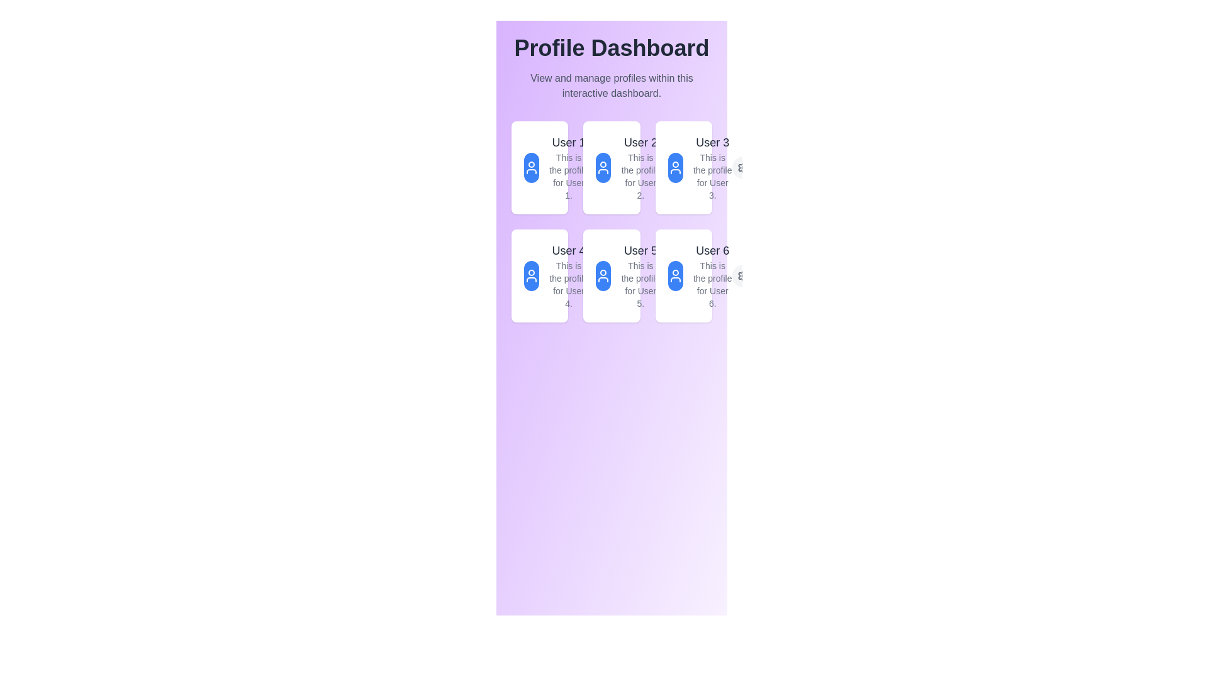 The height and width of the screenshot is (679, 1208). Describe the element at coordinates (712, 142) in the screenshot. I see `the text label indicating the name or identifier of a specific user profile located at the top-right card in the 3-column grid layout of the dashboard` at that location.